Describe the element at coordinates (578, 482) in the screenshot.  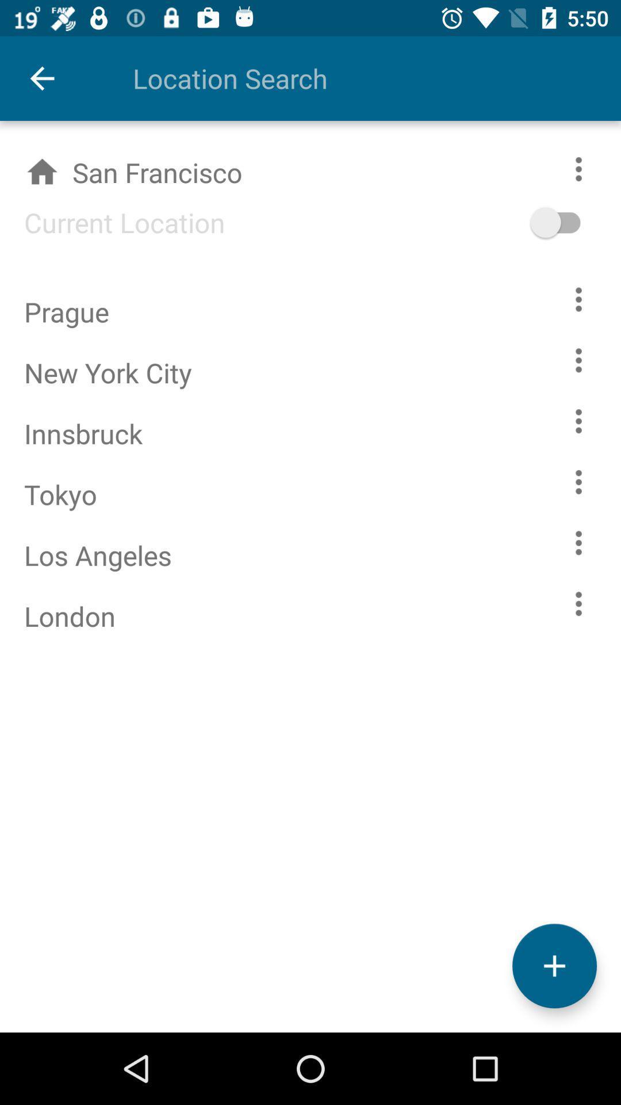
I see `see more options` at that location.